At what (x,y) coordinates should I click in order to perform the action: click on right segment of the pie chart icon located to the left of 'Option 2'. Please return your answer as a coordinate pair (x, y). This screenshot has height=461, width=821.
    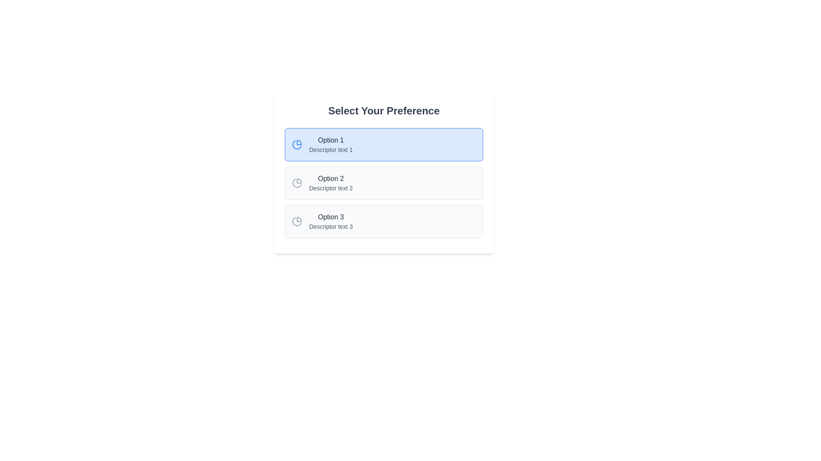
    Looking at the image, I should click on (297, 183).